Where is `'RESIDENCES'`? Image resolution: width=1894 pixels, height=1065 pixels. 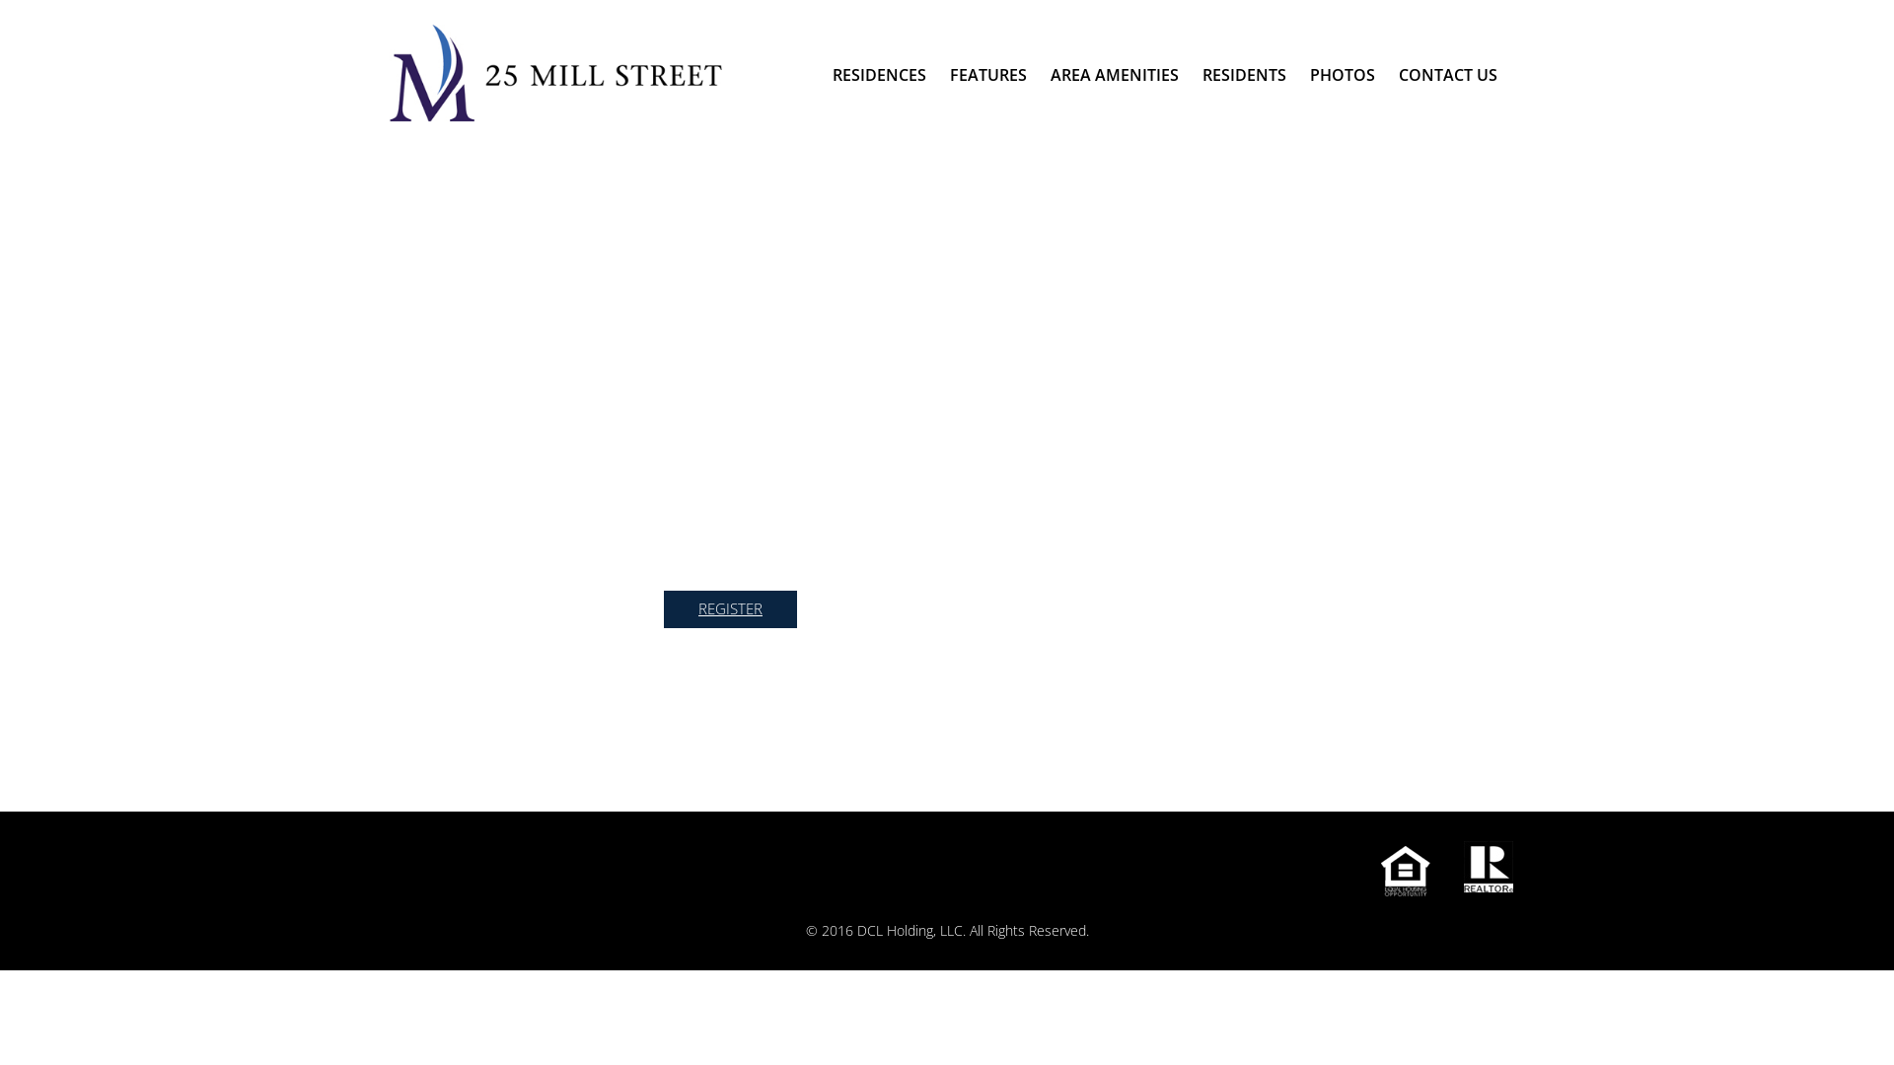
'RESIDENCES' is located at coordinates (878, 74).